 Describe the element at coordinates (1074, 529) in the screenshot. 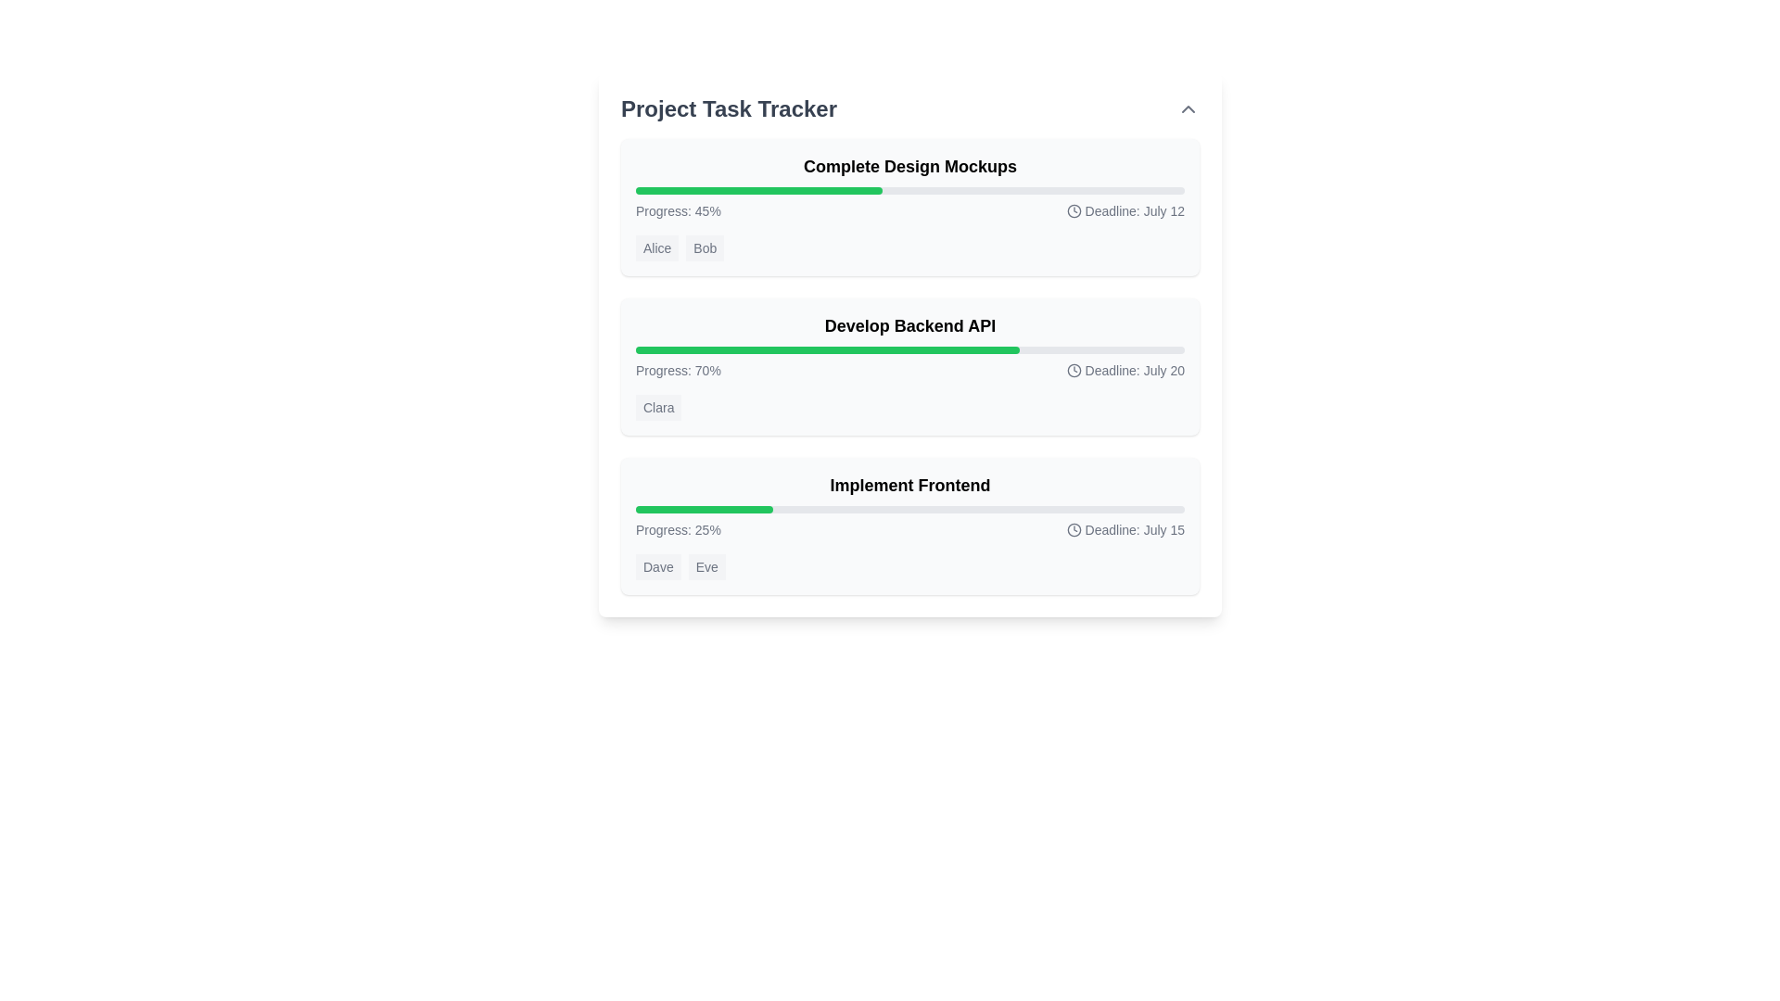

I see `the clock icon located on the far-right side of the 'Implement Frontend' task section, which has a circular outline and hands resembling an analog clock` at that location.